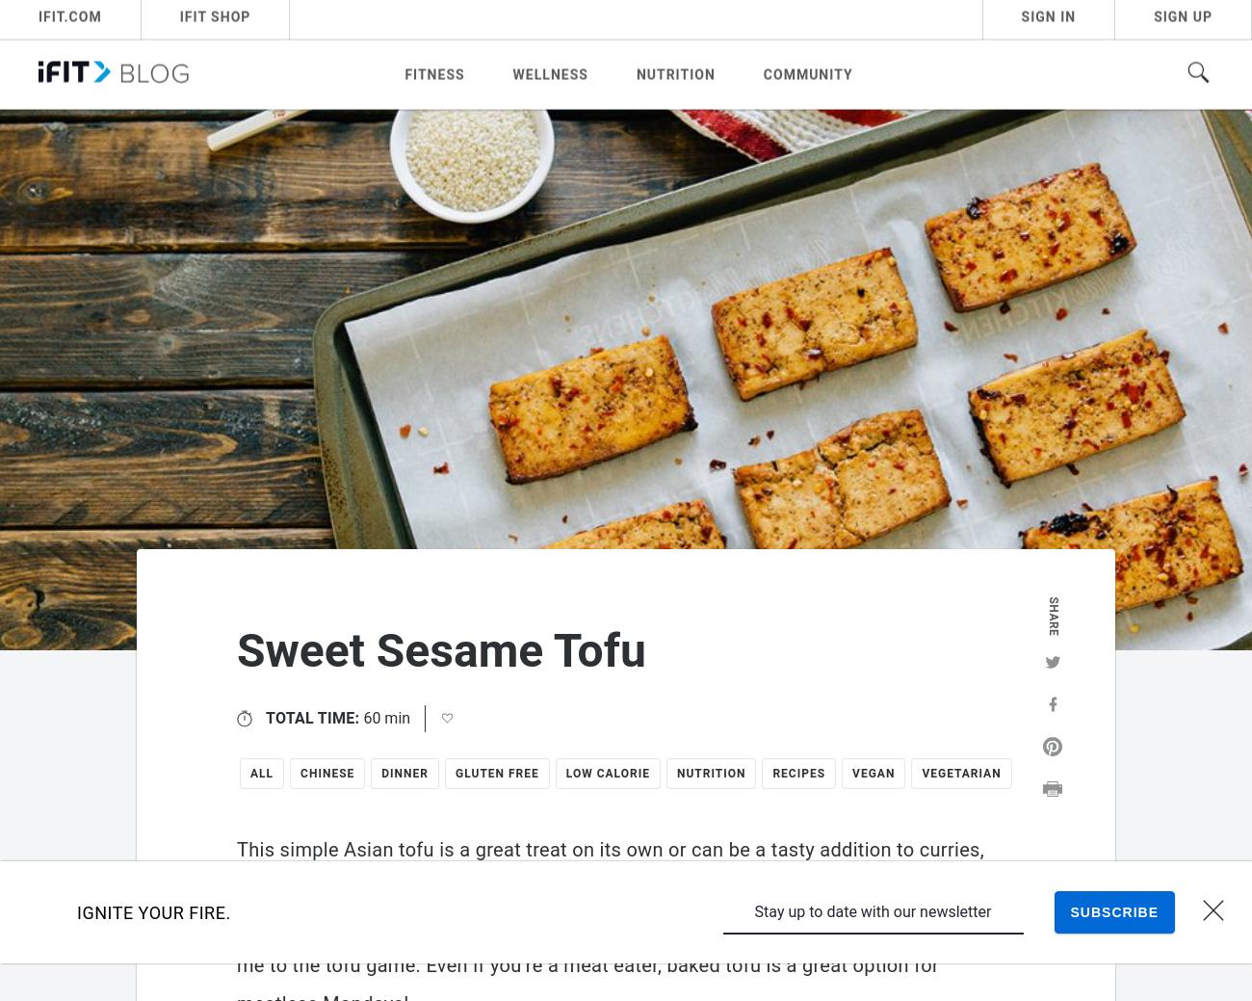 This screenshot has height=1001, width=1252. What do you see at coordinates (496, 773) in the screenshot?
I see `'Gluten Free'` at bounding box center [496, 773].